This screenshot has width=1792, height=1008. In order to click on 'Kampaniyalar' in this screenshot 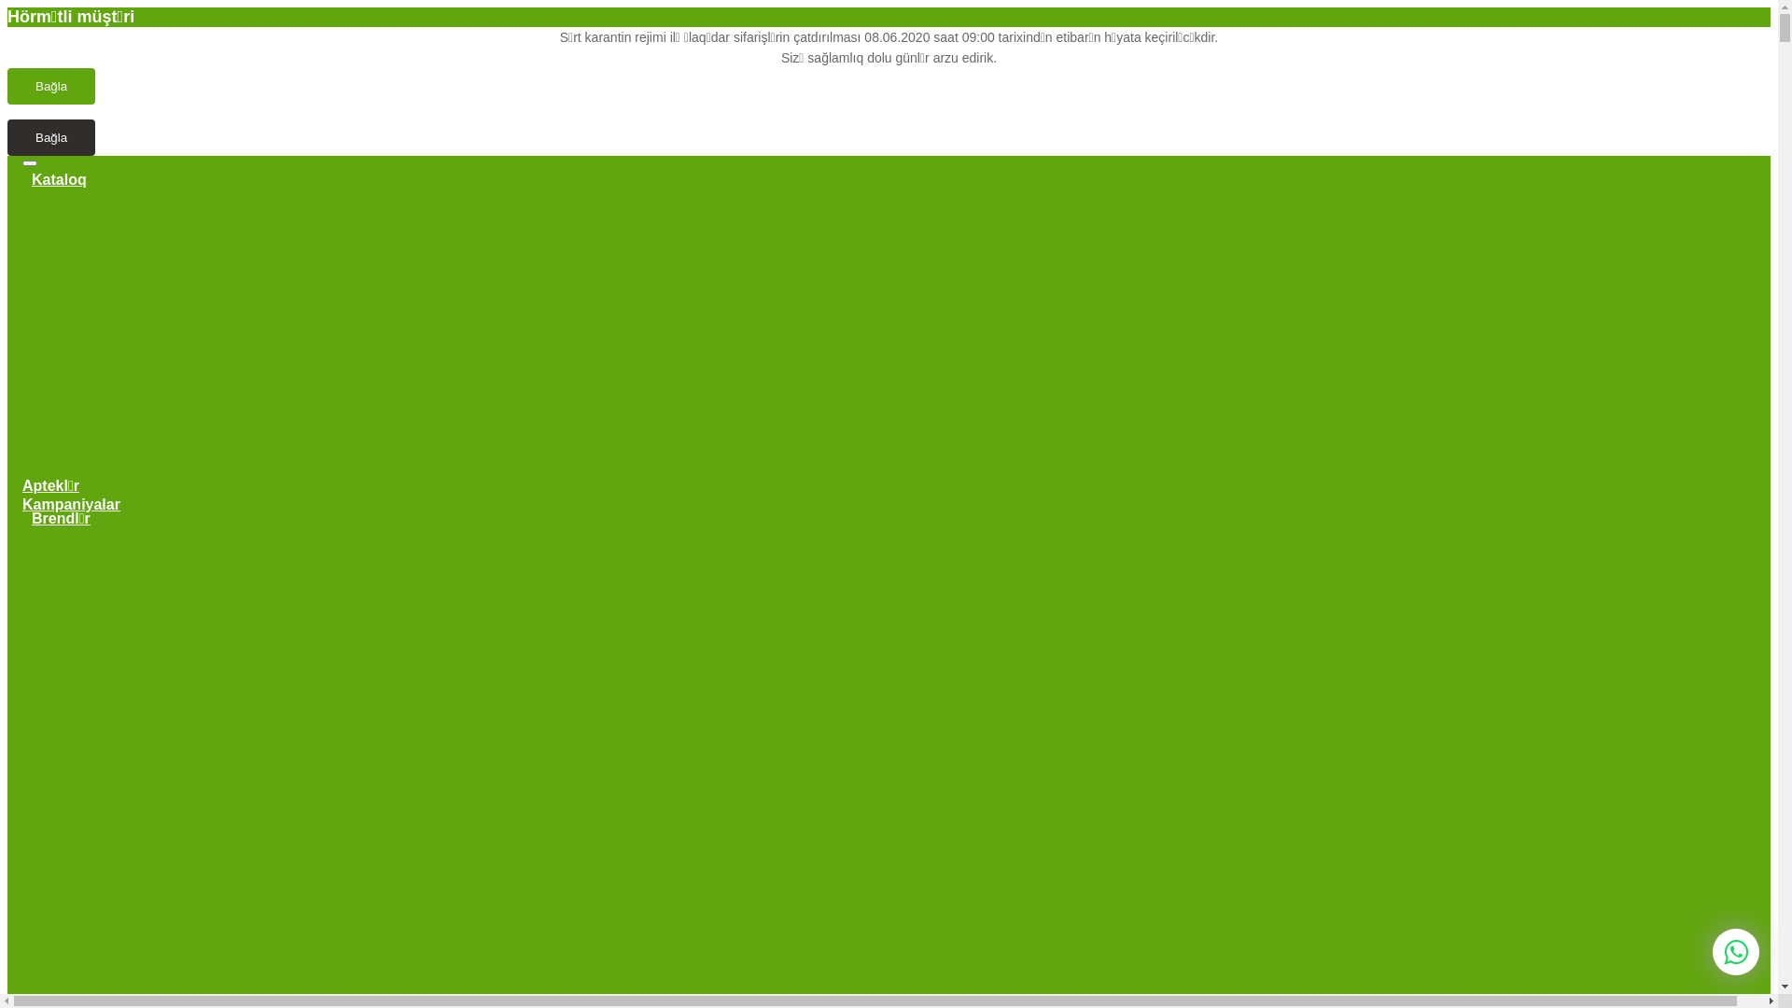, I will do `click(22, 504)`.